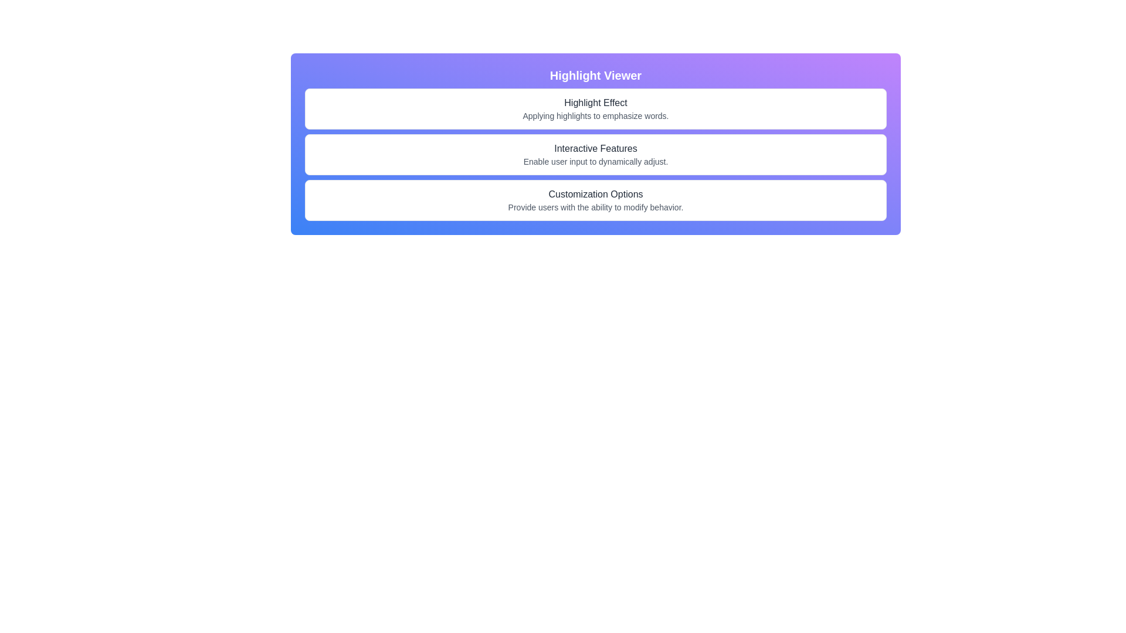 The image size is (1126, 633). What do you see at coordinates (586, 148) in the screenshot?
I see `the lowercase letter 'i' in the word 'Interactive' within the header 'Interactive Features', which is styled with an underline effect on hover` at bounding box center [586, 148].